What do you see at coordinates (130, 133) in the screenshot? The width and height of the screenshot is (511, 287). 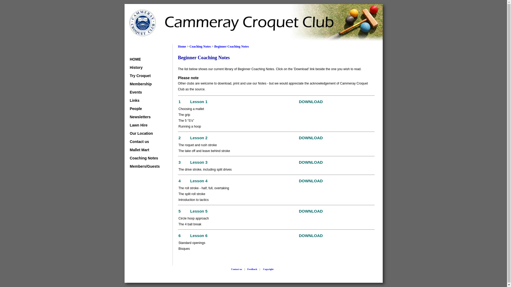 I see `'Our Location'` at bounding box center [130, 133].